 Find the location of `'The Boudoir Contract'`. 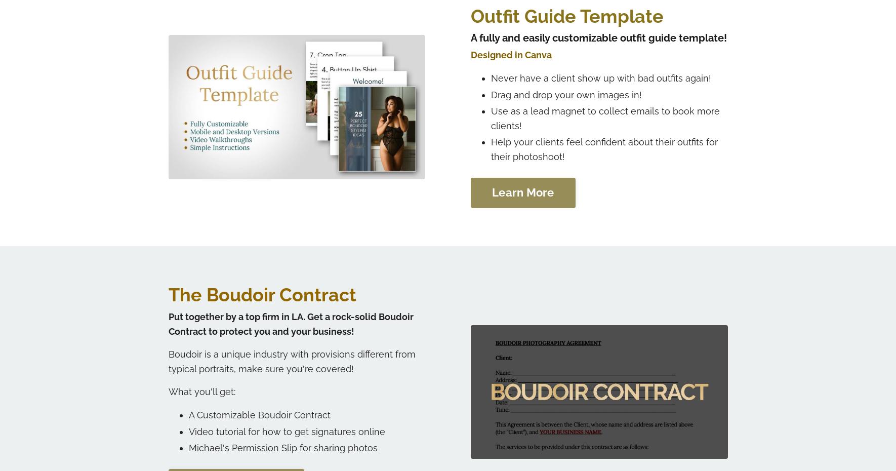

'The Boudoir Contract' is located at coordinates (262, 294).